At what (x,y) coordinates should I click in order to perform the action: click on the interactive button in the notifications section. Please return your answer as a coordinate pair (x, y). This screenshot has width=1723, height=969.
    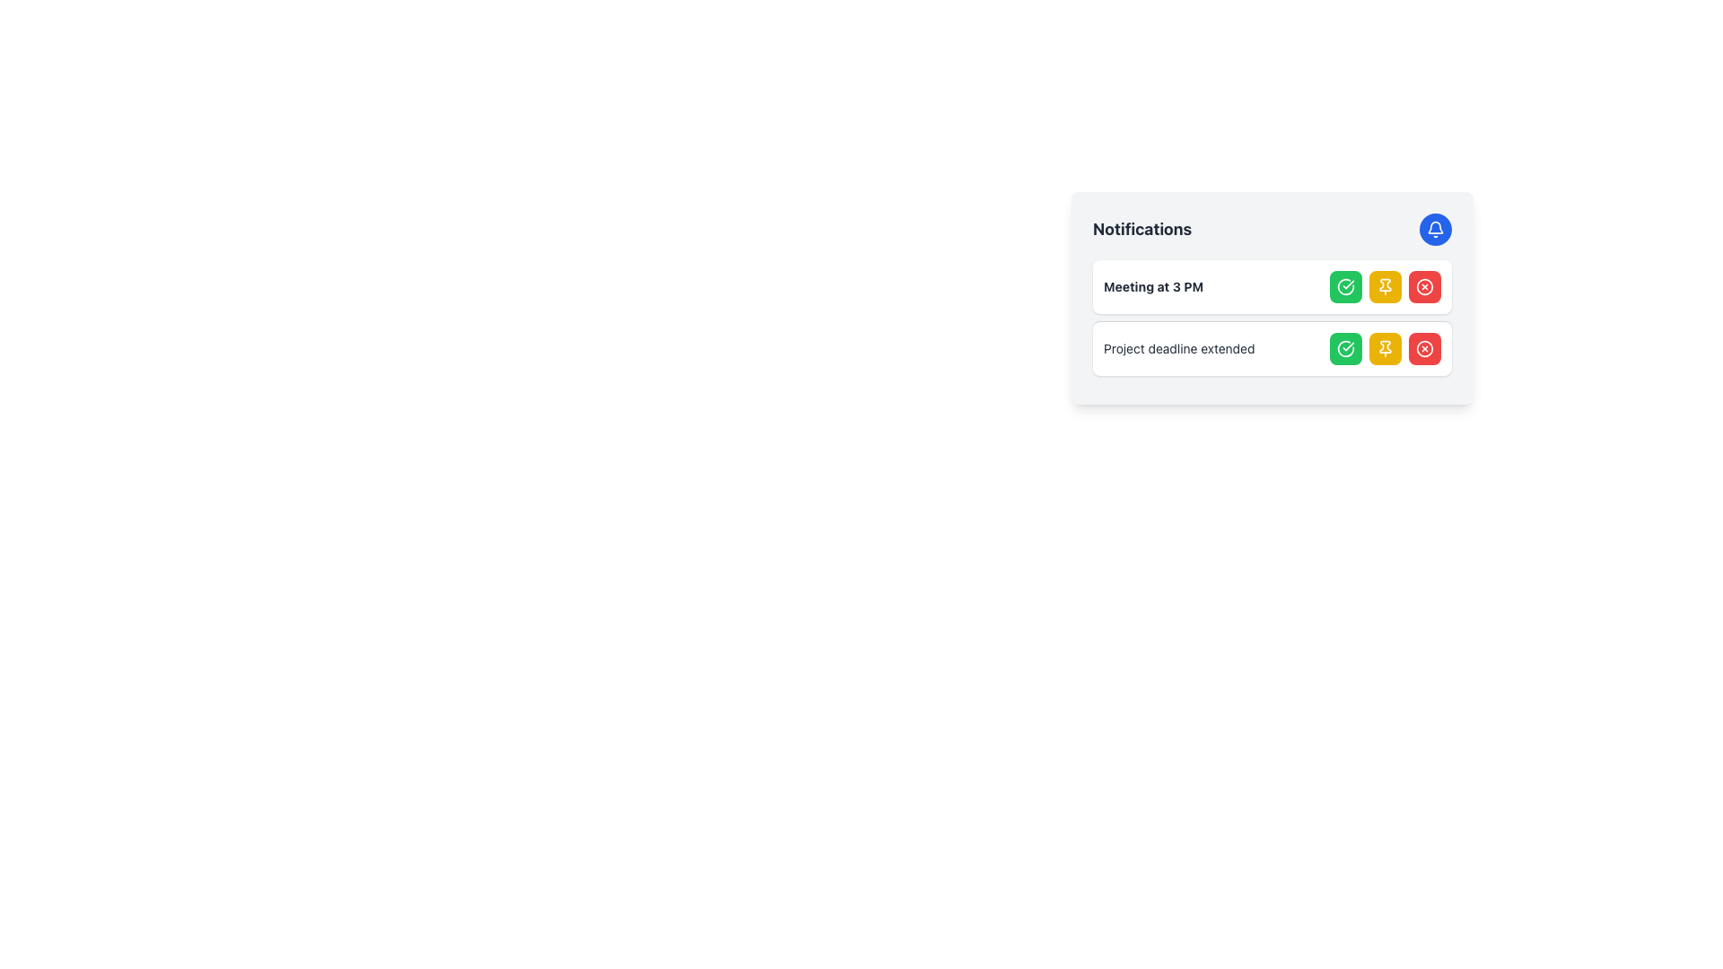
    Looking at the image, I should click on (1271, 228).